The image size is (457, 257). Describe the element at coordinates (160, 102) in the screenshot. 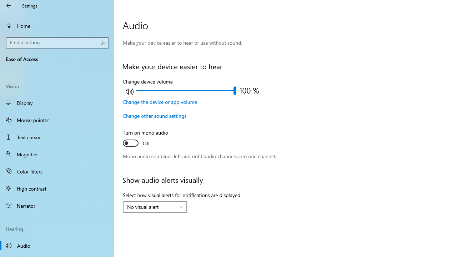

I see `'Change the device or app volume'` at that location.